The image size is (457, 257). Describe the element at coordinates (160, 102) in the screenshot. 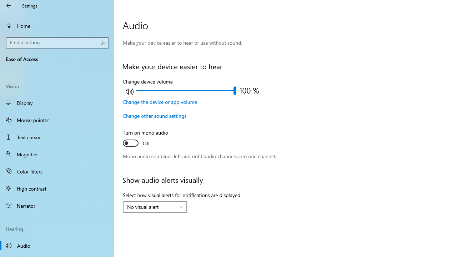

I see `'Change the device or app volume'` at that location.